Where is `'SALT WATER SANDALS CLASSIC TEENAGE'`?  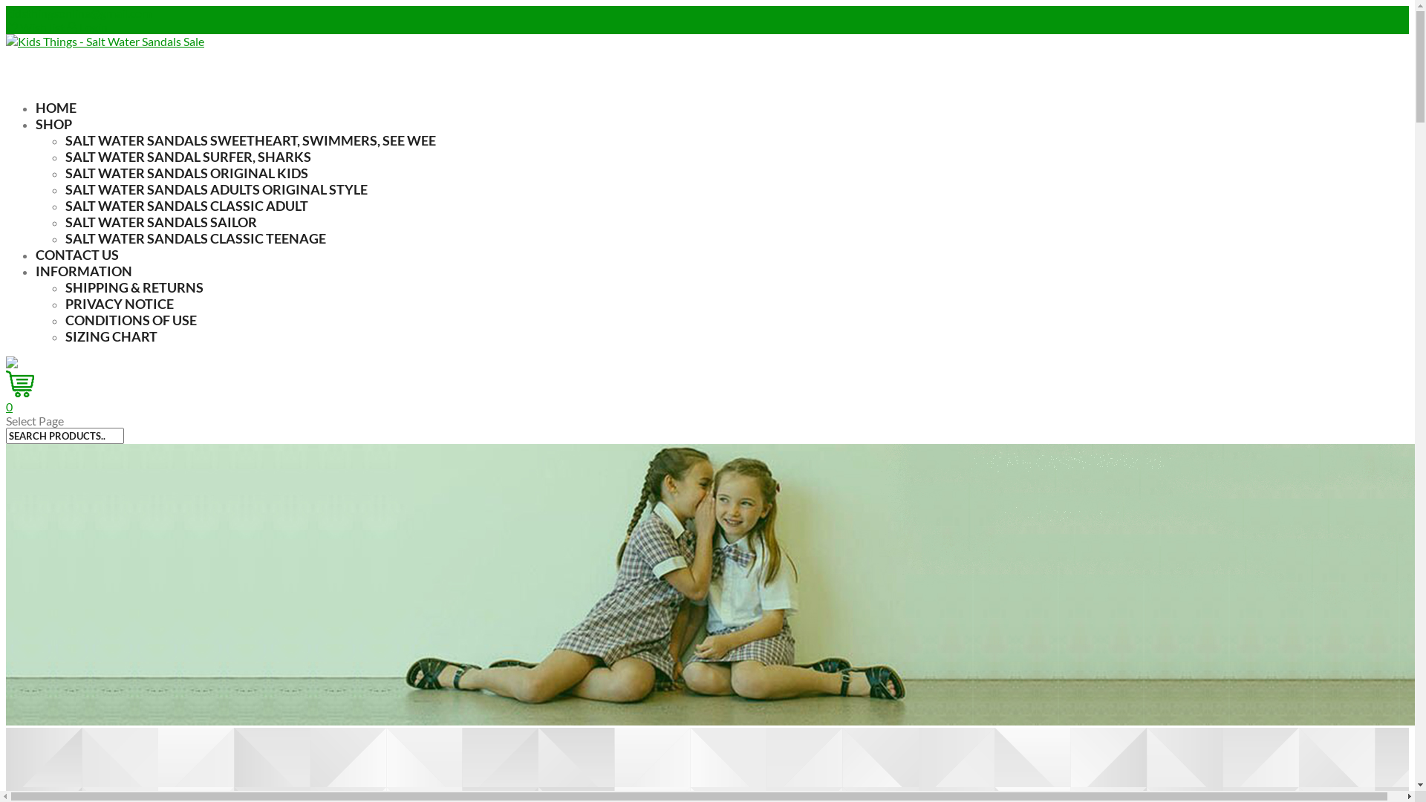
'SALT WATER SANDALS CLASSIC TEENAGE' is located at coordinates (195, 237).